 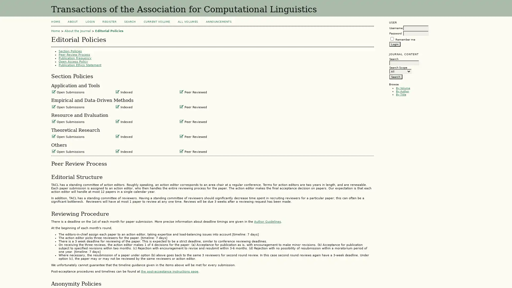 What do you see at coordinates (395, 76) in the screenshot?
I see `Search` at bounding box center [395, 76].